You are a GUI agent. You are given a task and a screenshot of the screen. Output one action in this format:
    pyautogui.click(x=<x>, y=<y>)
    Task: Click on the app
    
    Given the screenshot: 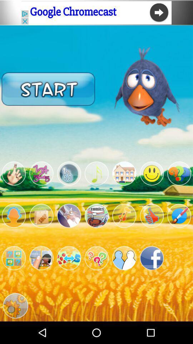 What is the action you would take?
    pyautogui.click(x=179, y=215)
    